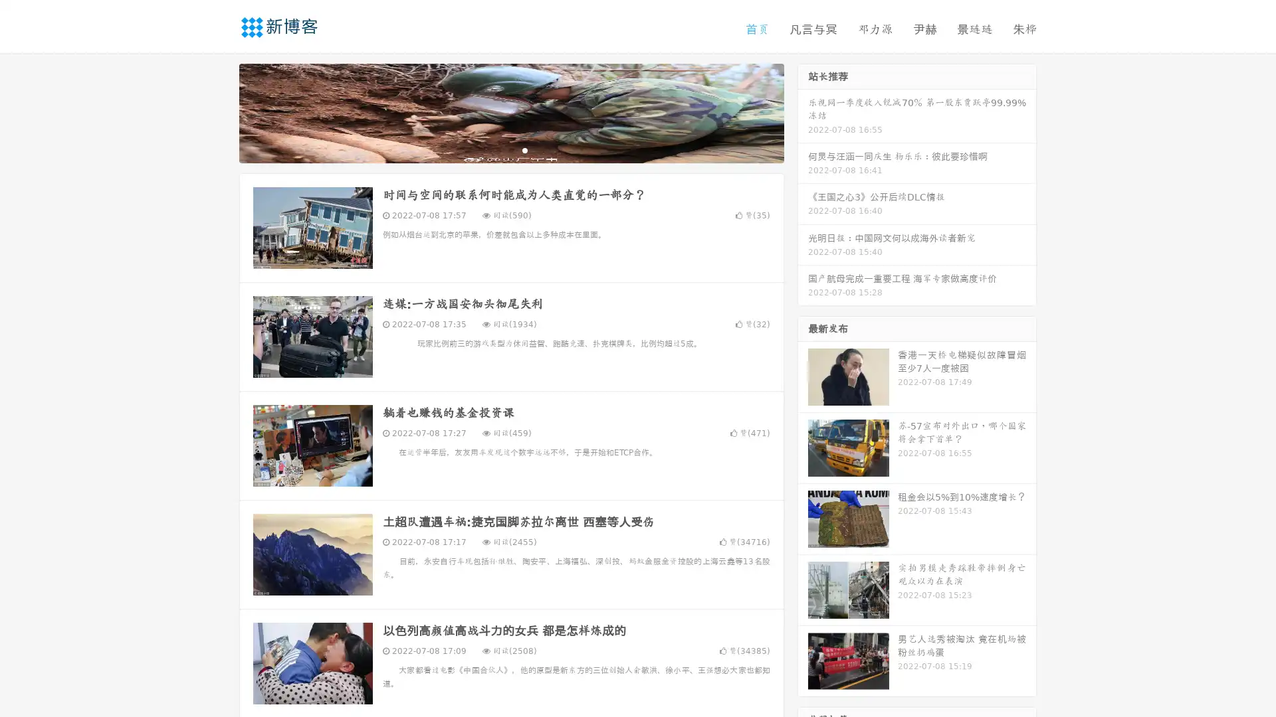 This screenshot has width=1276, height=717. What do you see at coordinates (510, 149) in the screenshot?
I see `Go to slide 2` at bounding box center [510, 149].